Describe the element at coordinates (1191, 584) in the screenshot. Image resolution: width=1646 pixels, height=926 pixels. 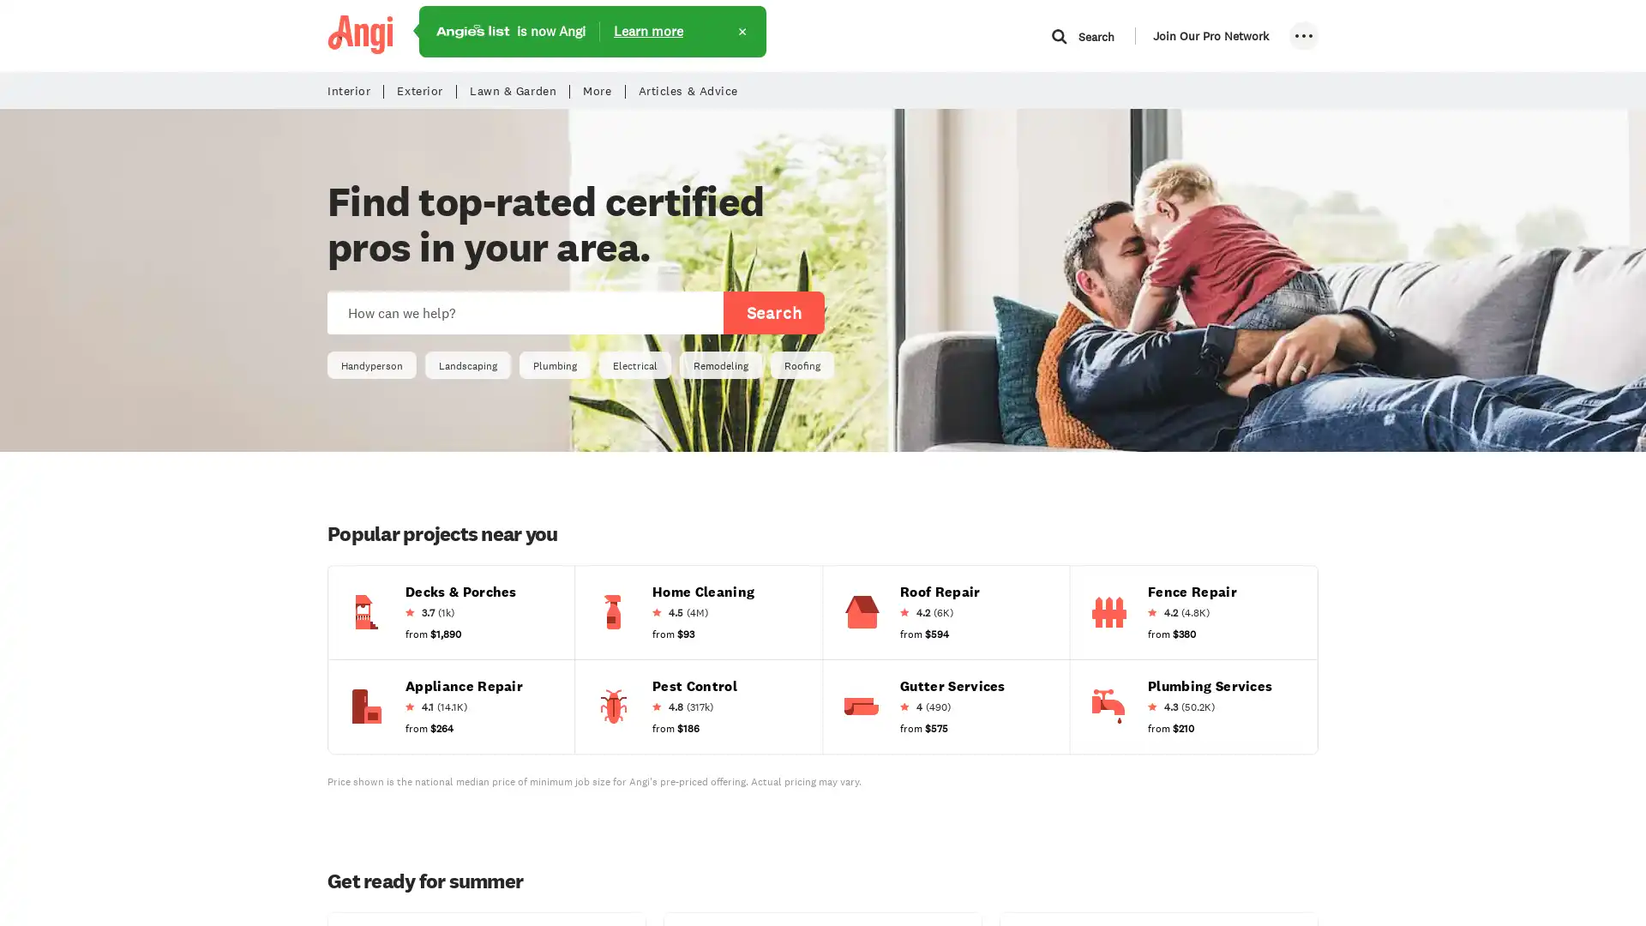
I see `Submit a request for Fence Repairs.` at that location.